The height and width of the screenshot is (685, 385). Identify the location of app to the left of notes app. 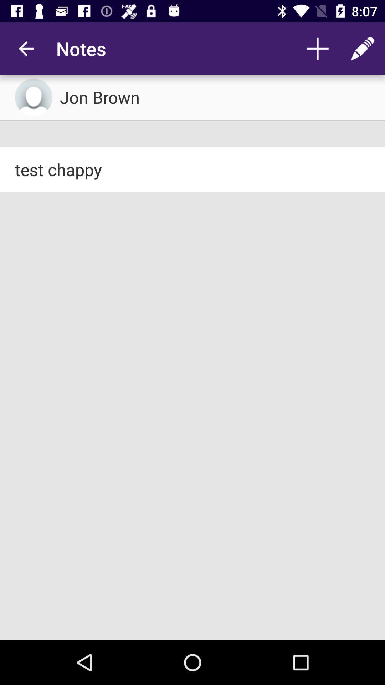
(26, 48).